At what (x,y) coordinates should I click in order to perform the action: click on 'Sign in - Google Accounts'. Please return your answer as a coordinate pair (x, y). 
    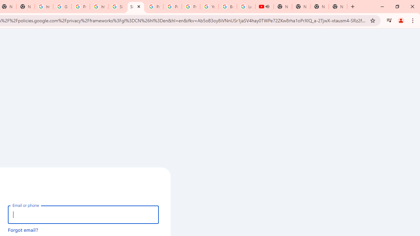
    Looking at the image, I should click on (136, 7).